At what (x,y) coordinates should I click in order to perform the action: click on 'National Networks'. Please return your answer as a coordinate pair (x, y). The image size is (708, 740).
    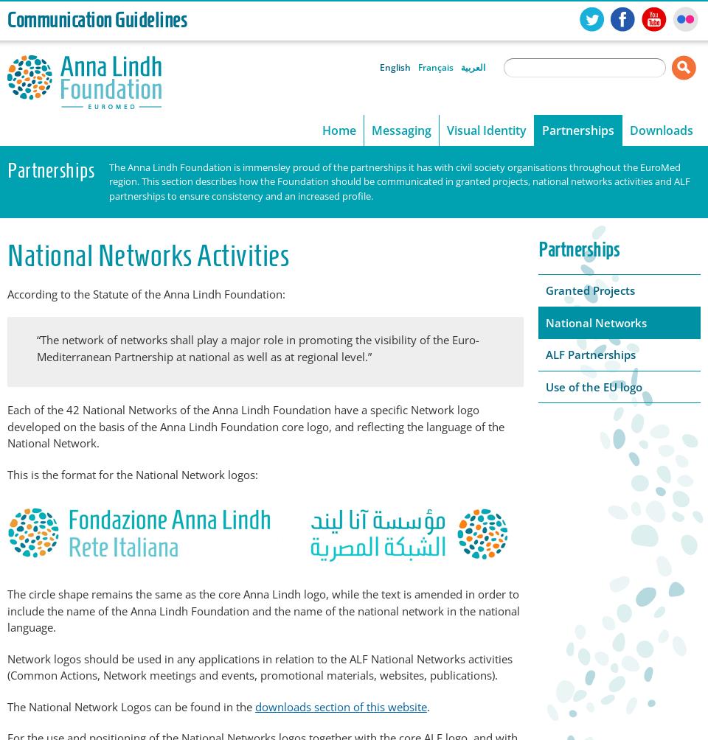
    Looking at the image, I should click on (596, 321).